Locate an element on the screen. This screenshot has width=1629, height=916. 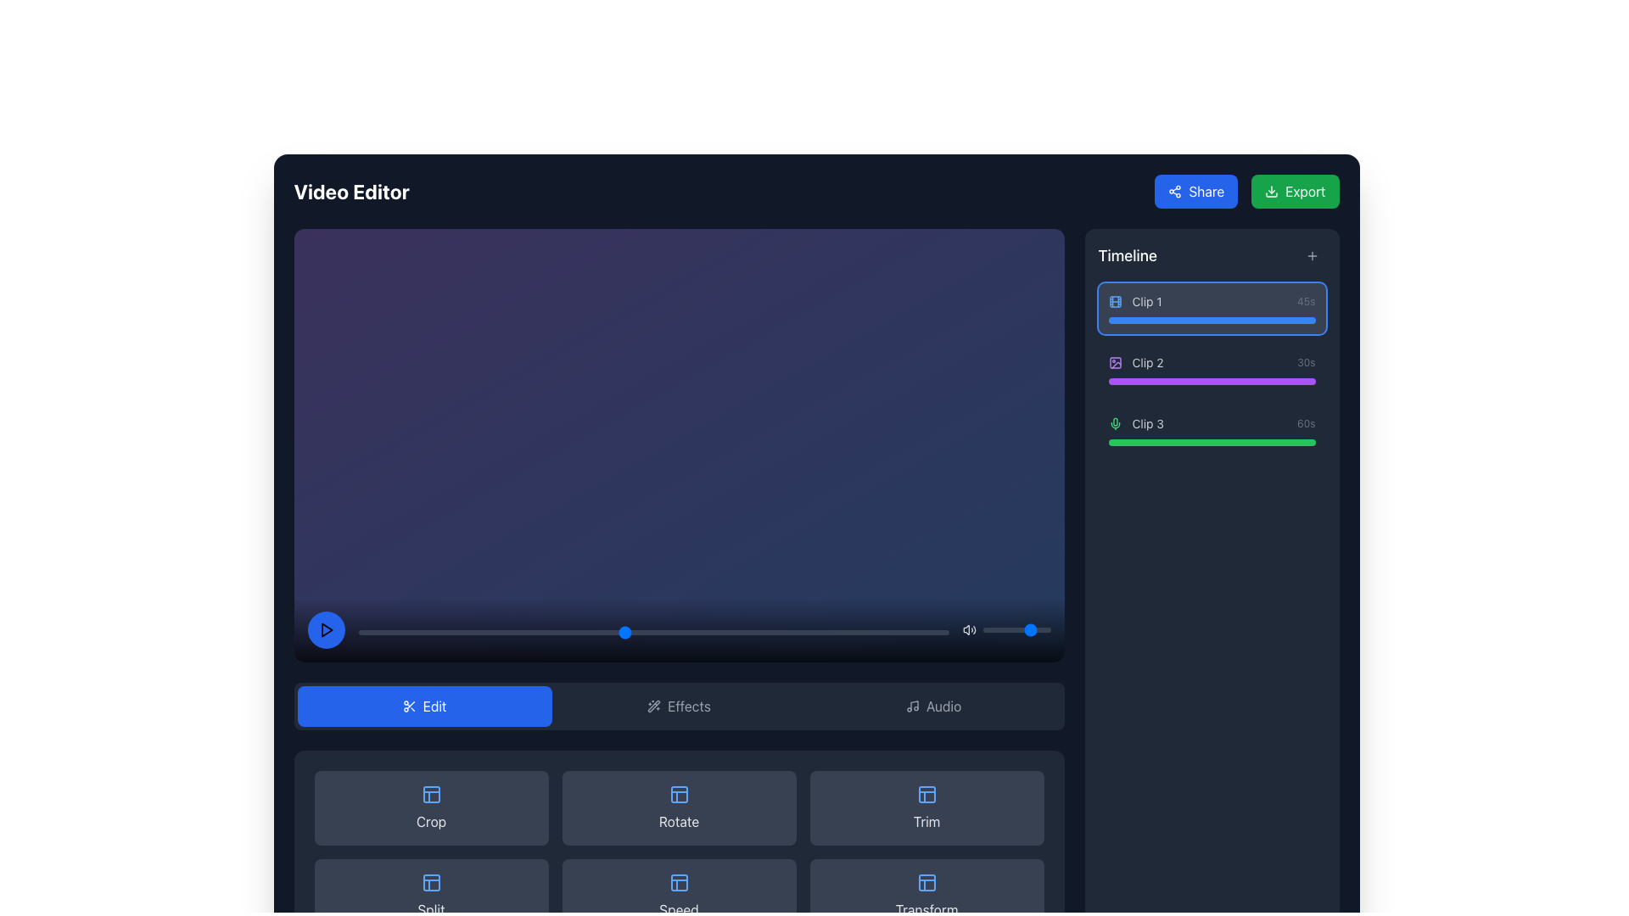
the slider is located at coordinates (985, 629).